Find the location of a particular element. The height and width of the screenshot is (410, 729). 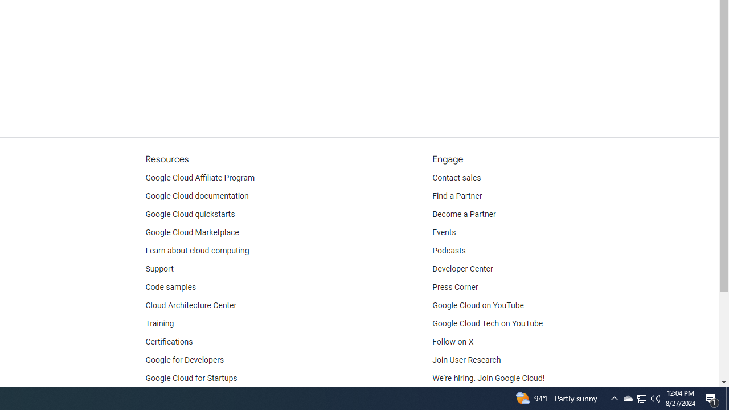

'Cloud Architecture Center' is located at coordinates (191, 305).